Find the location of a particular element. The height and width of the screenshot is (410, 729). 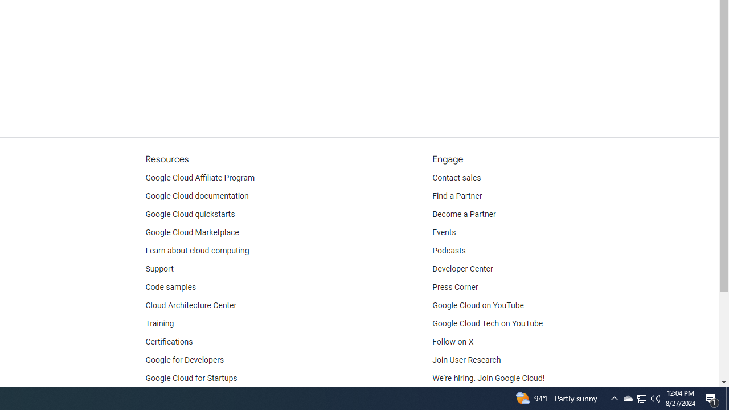

'Cloud Architecture Center' is located at coordinates (191, 305).